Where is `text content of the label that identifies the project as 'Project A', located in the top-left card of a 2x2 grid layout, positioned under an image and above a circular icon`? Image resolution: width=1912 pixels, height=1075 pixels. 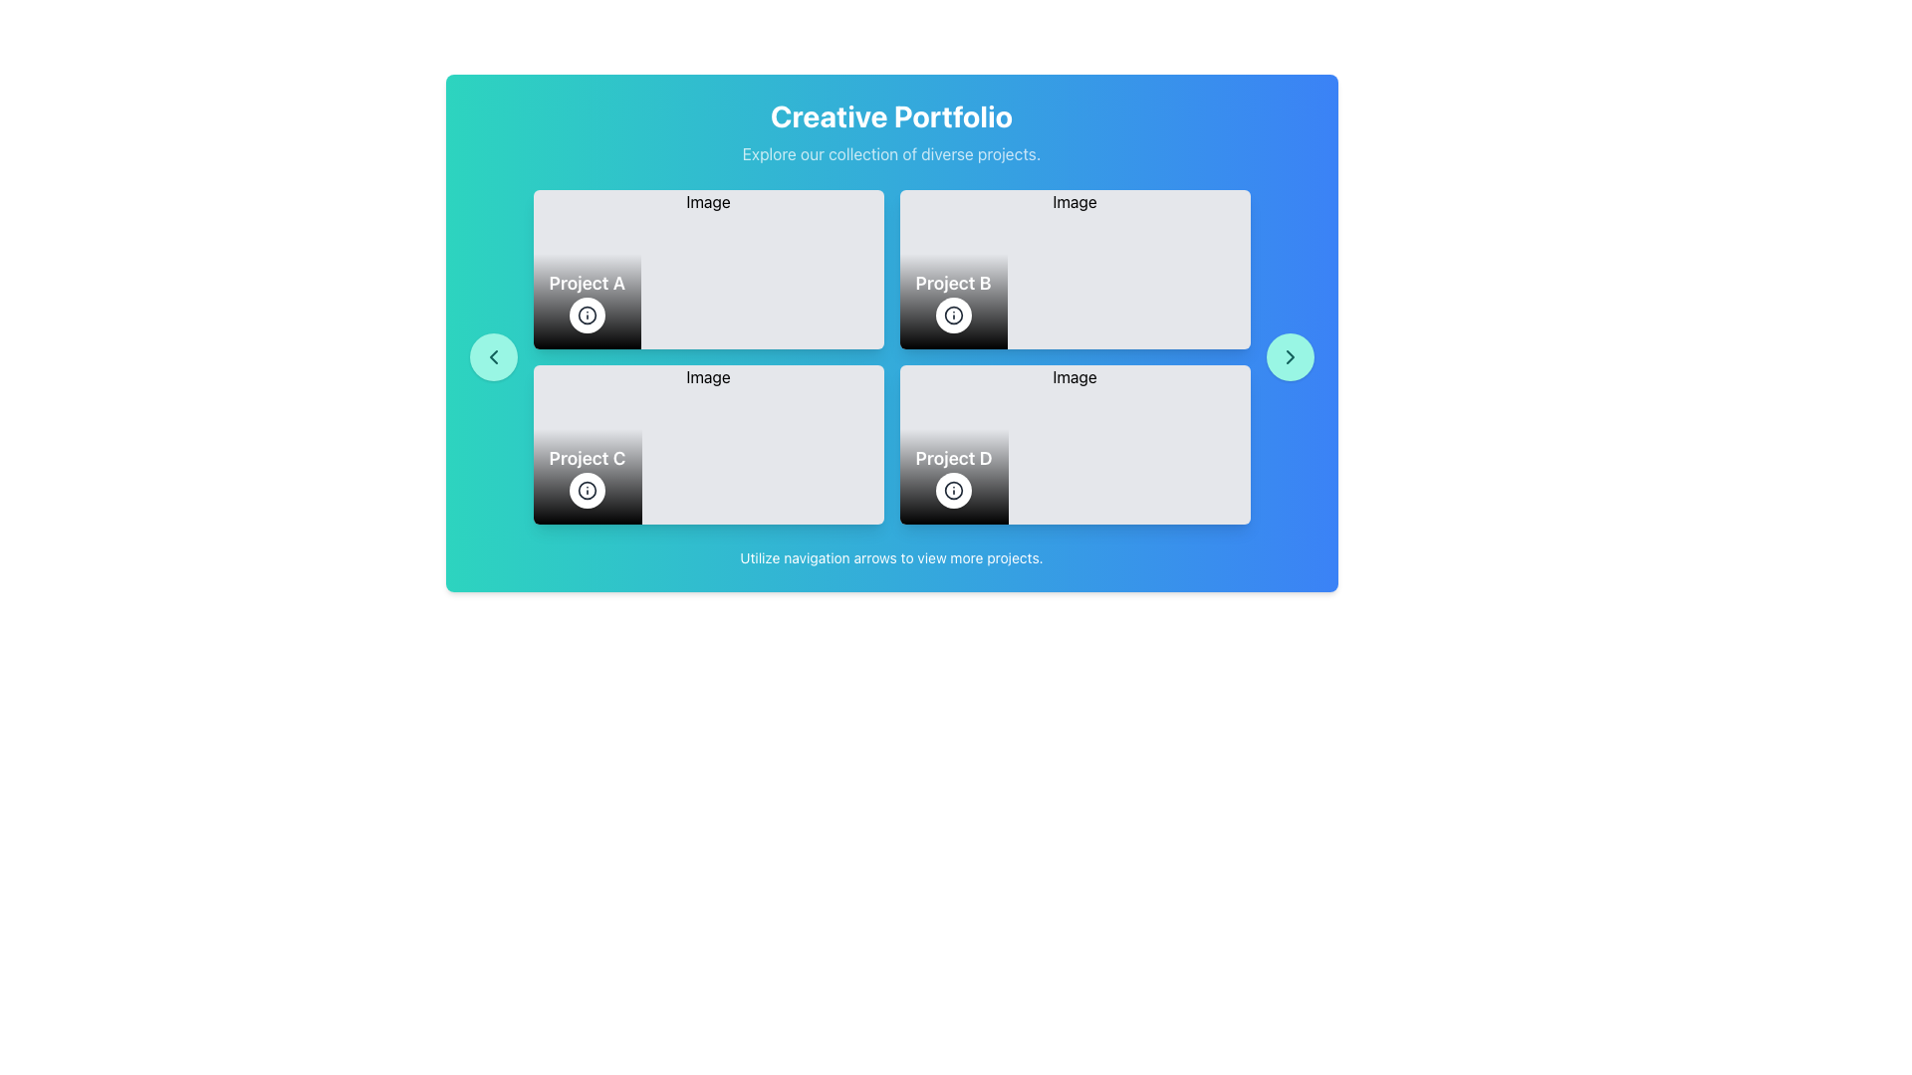
text content of the label that identifies the project as 'Project A', located in the top-left card of a 2x2 grid layout, positioned under an image and above a circular icon is located at coordinates (586, 284).